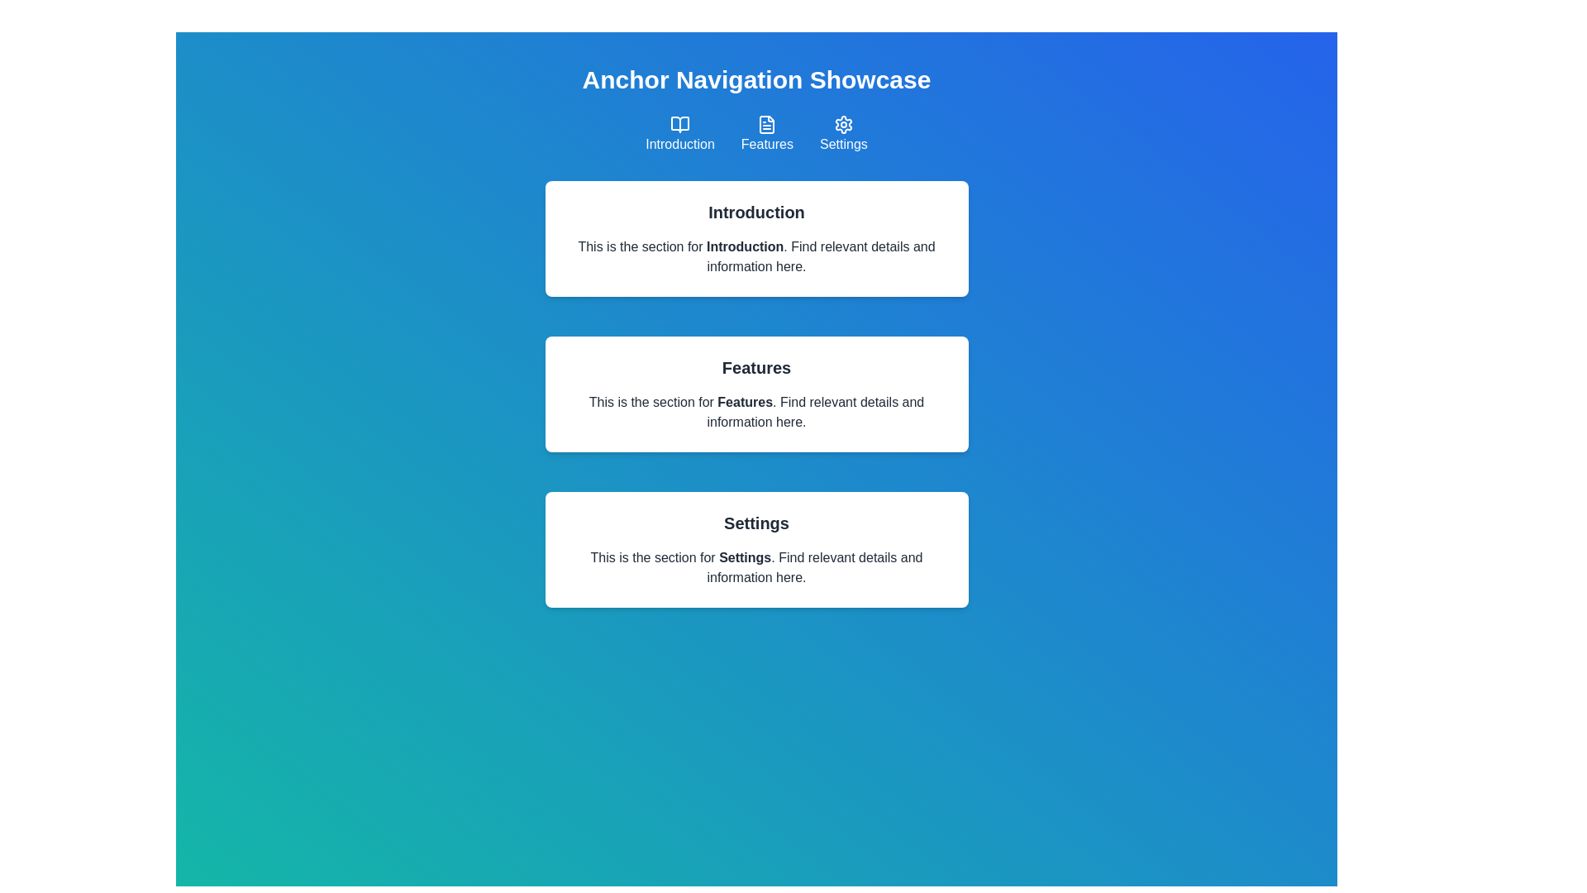 The image size is (1587, 893). I want to click on the open book icon labeled 'Introduction', which is the first icon in the top navigational bar, positioned to the left of the 'Features' and 'Settings' icons, so click(680, 123).